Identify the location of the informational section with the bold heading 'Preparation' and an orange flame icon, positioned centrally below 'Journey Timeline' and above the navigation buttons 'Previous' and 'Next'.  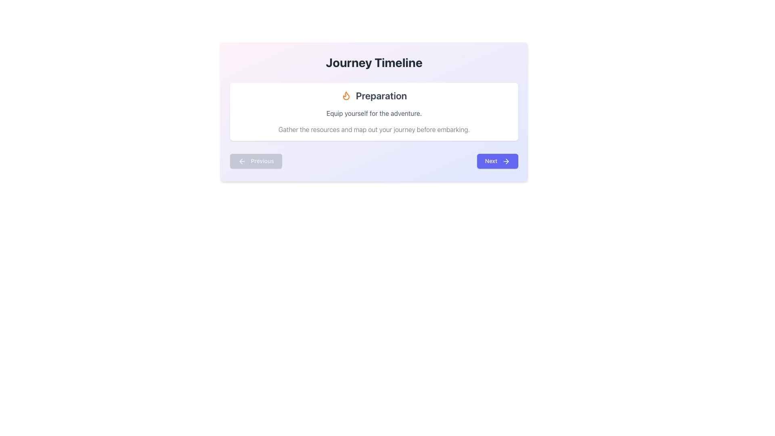
(373, 112).